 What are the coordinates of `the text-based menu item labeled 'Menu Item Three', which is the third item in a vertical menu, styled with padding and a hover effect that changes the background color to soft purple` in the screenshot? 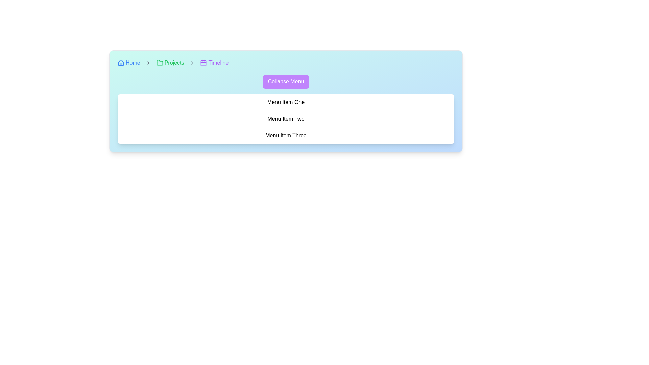 It's located at (286, 135).